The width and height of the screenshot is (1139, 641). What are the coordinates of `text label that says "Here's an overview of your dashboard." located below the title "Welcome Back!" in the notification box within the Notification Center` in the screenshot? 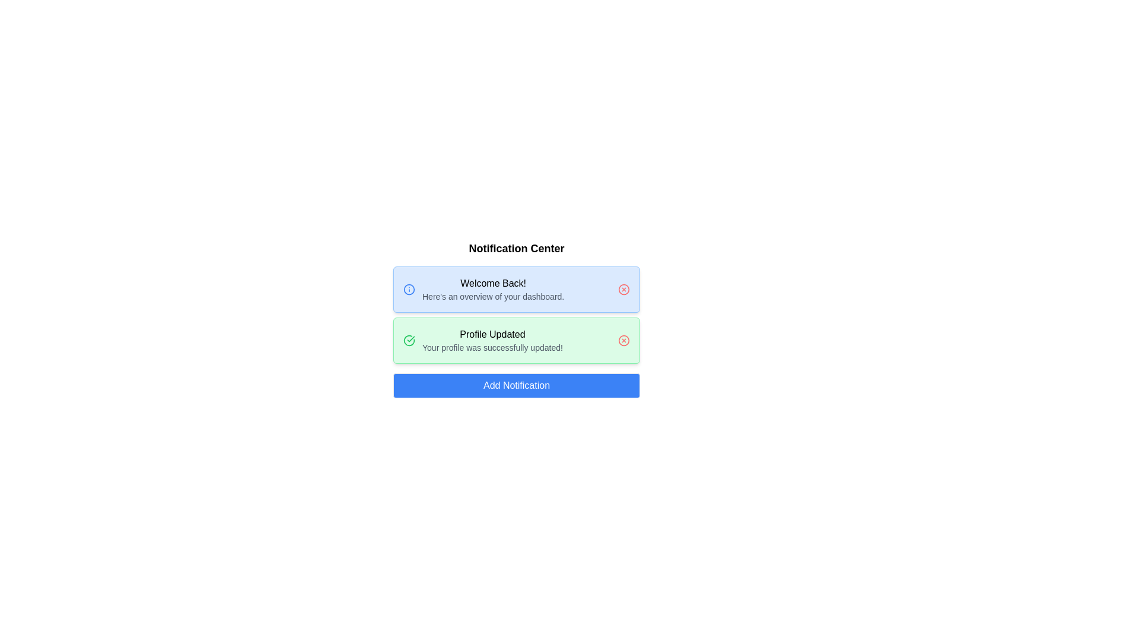 It's located at (493, 296).